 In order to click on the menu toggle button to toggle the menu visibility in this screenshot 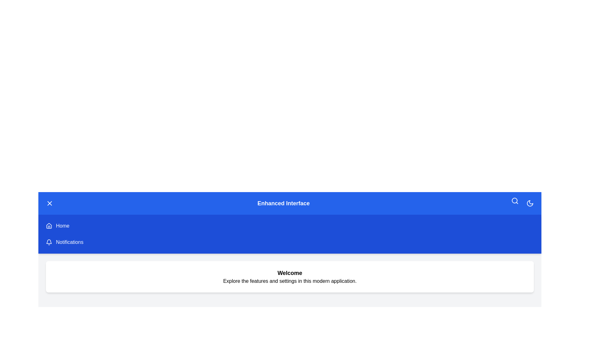, I will do `click(49, 203)`.